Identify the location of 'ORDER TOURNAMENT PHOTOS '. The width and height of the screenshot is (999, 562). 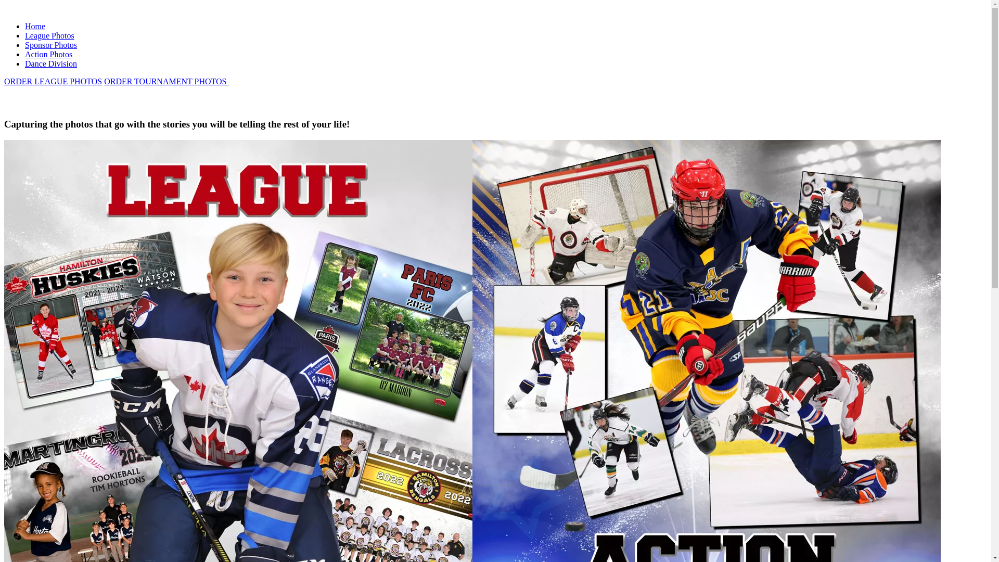
(104, 81).